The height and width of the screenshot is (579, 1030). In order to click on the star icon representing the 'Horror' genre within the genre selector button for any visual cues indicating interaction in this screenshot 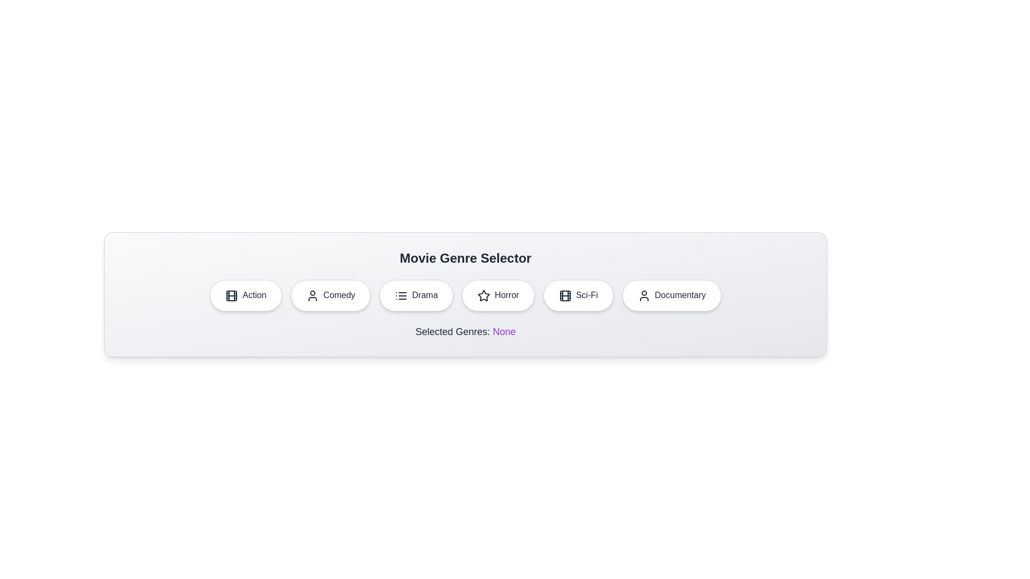, I will do `click(483, 295)`.